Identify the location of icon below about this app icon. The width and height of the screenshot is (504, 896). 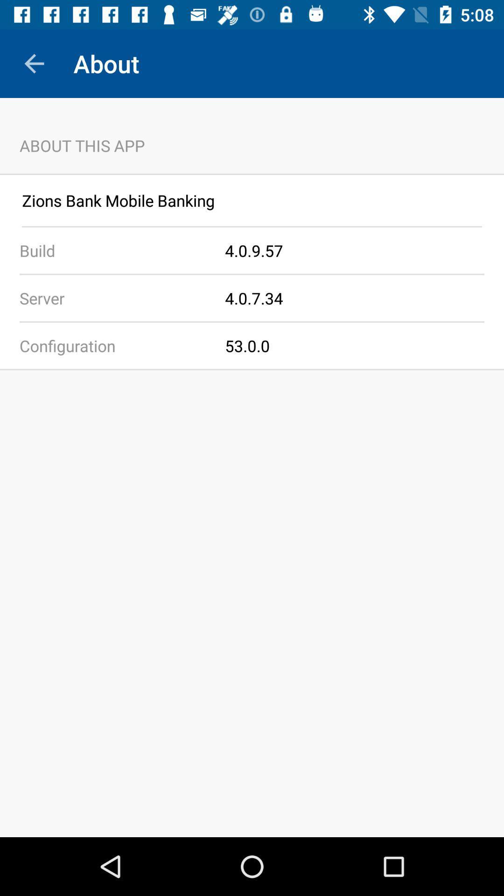
(252, 174).